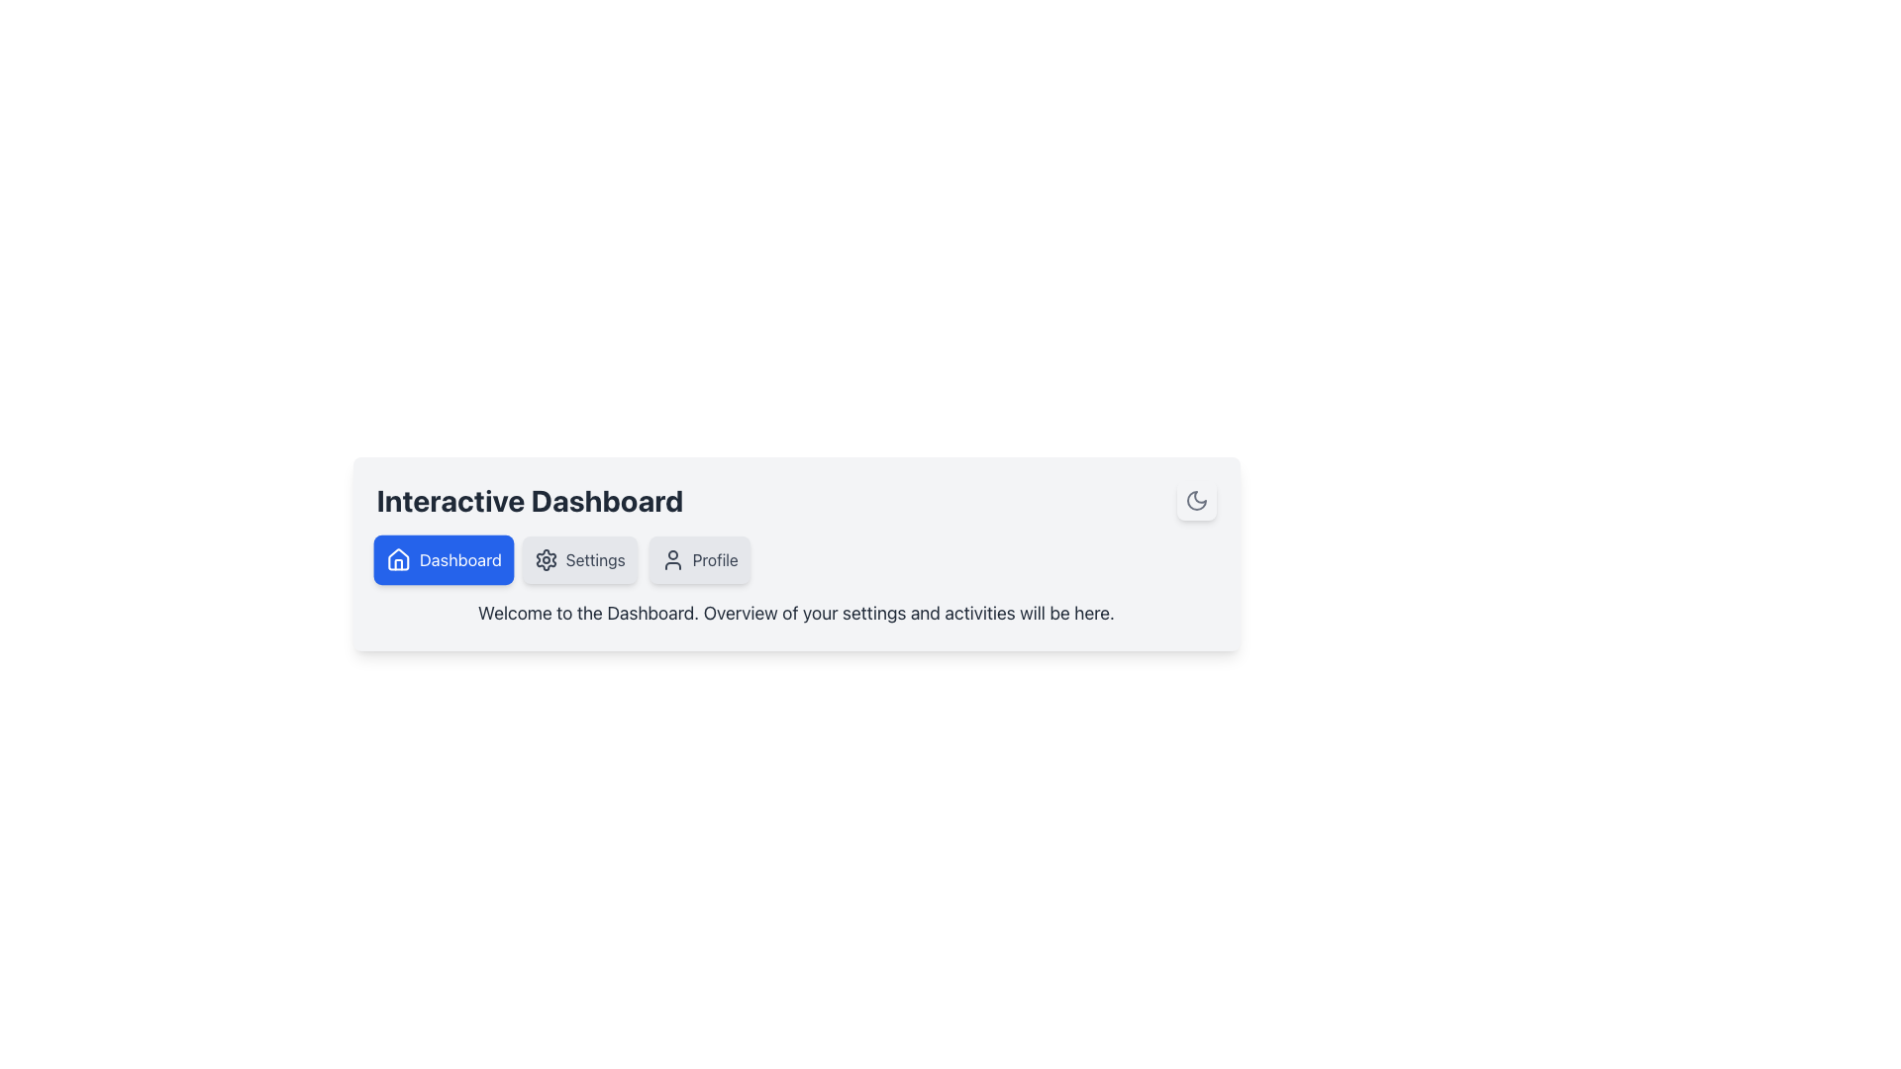  Describe the element at coordinates (578, 560) in the screenshot. I see `the settings button located in the horizontal menu bar between the 'Dashboard' and 'Profile' buttons` at that location.